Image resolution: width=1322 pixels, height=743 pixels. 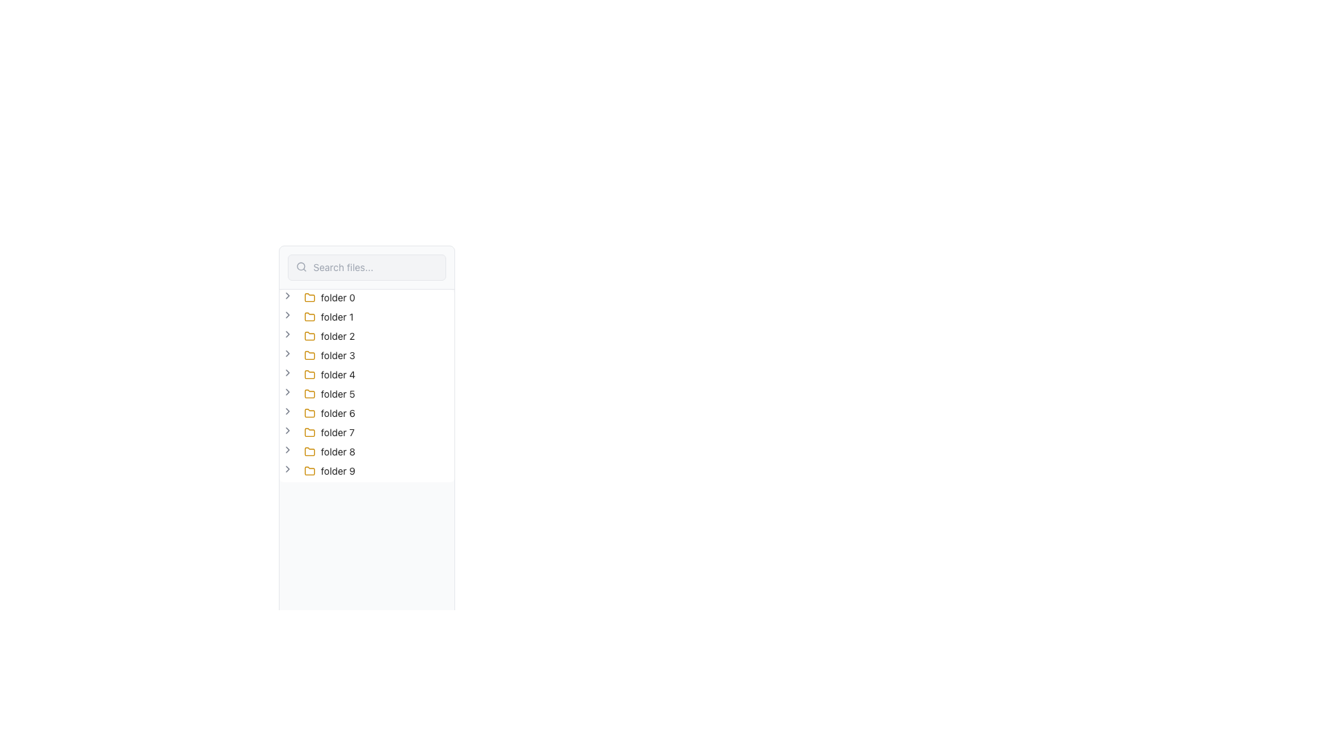 What do you see at coordinates (309, 297) in the screenshot?
I see `the folder icon representing 'folder 0', which is the first element` at bounding box center [309, 297].